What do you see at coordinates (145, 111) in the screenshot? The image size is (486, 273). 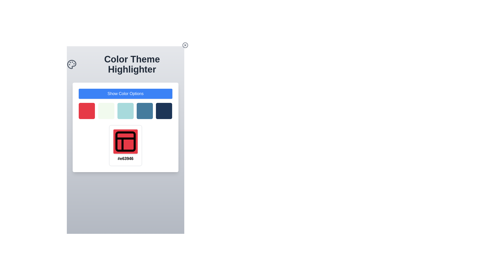 I see `the square-shaped button with rounded corners and solid blue color (#457B9D) located below the 'Show Color Options' button` at bounding box center [145, 111].